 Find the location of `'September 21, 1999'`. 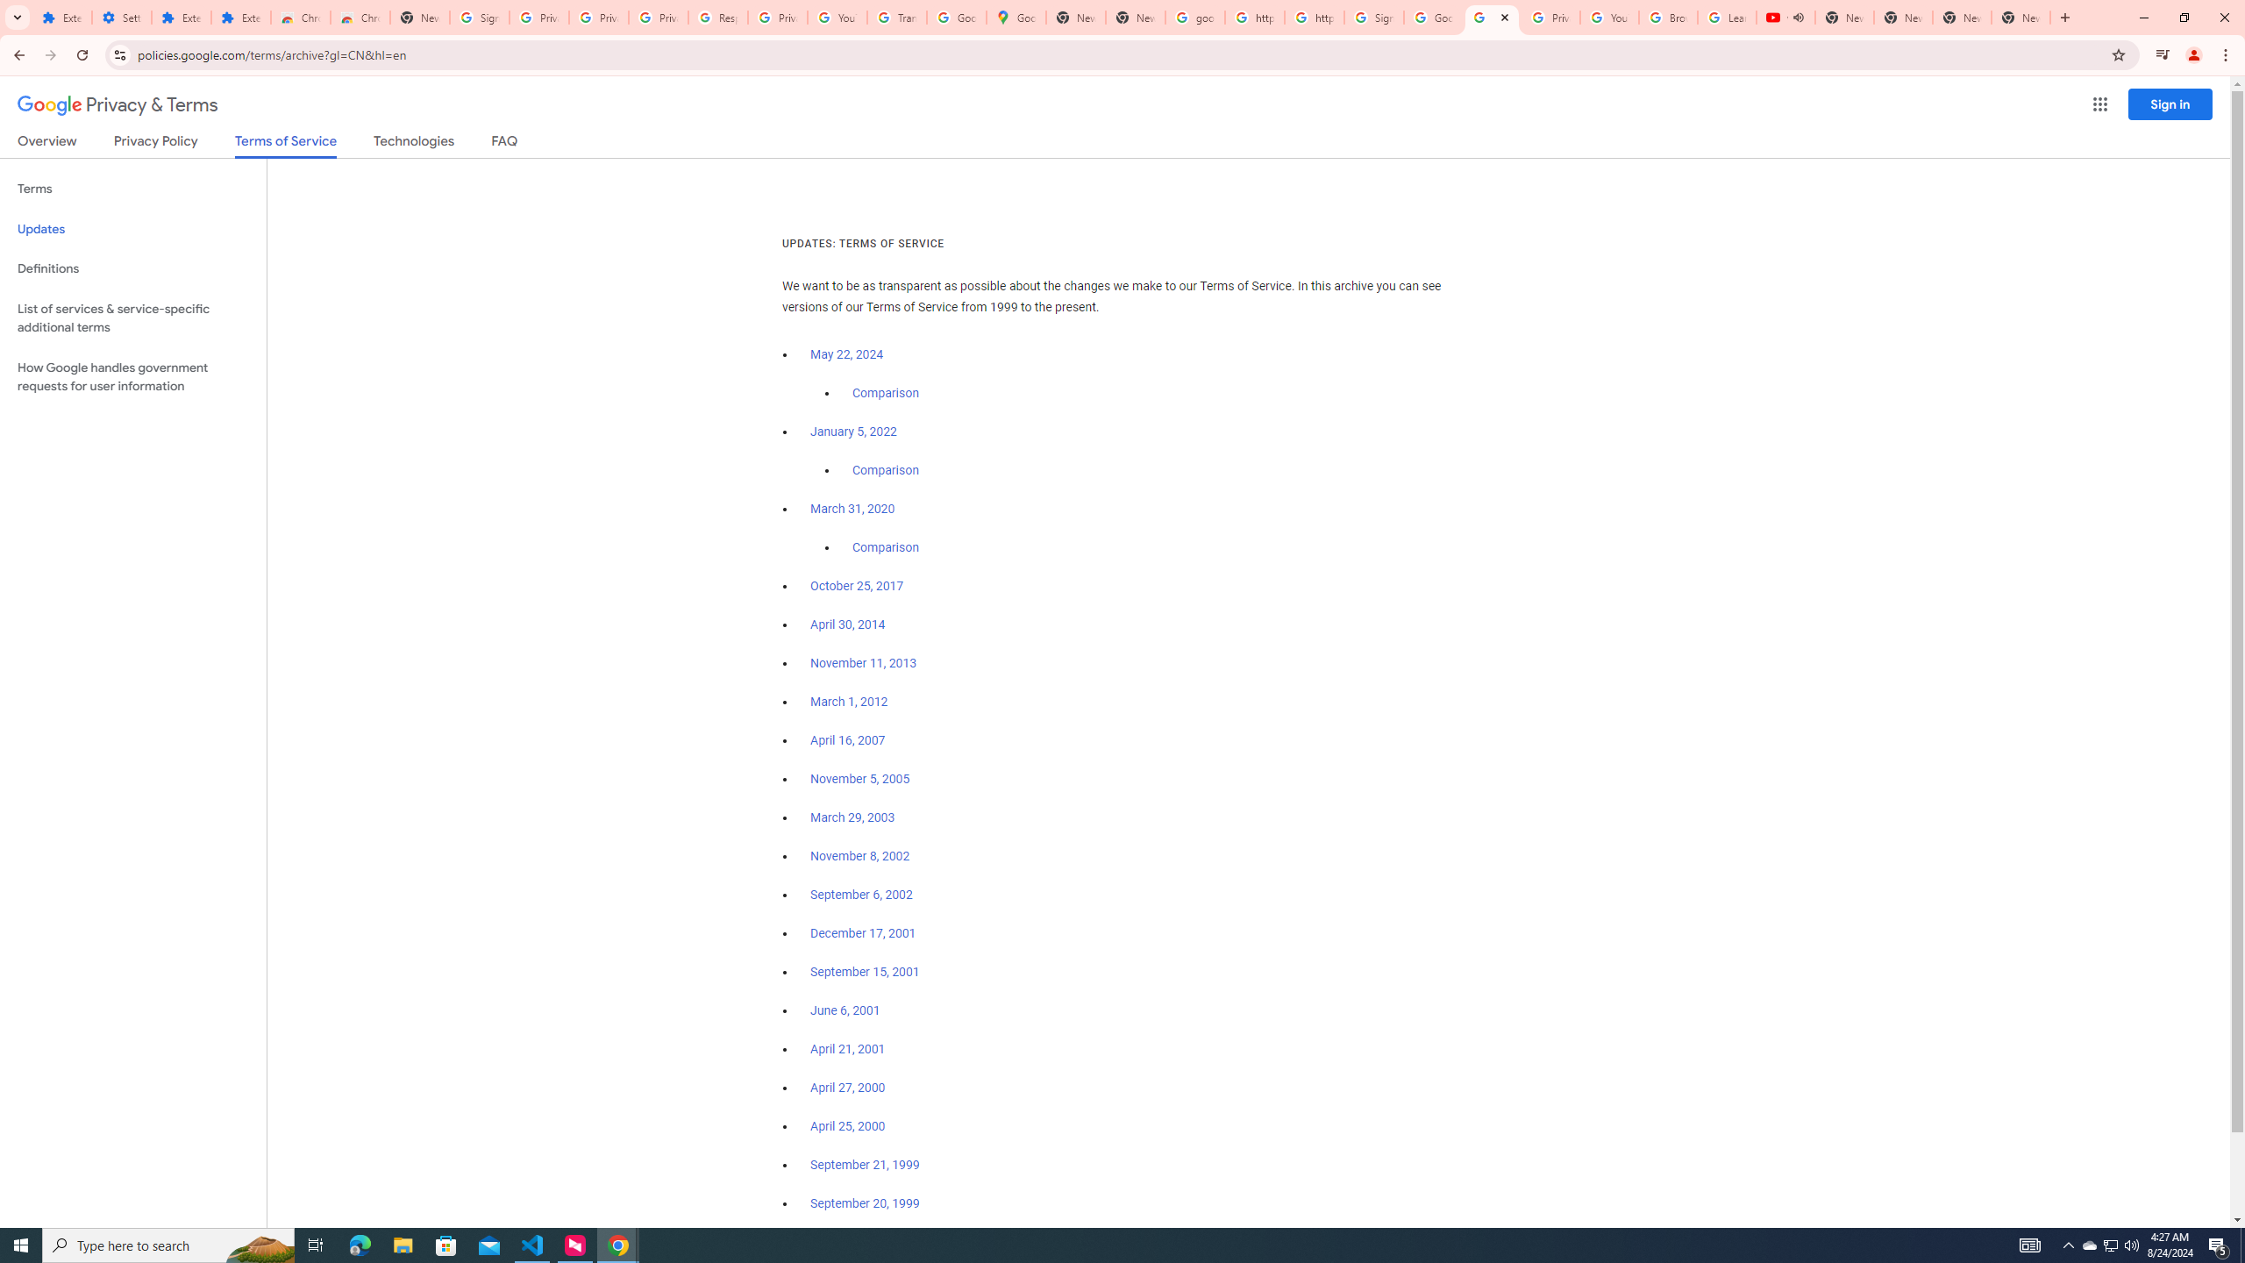

'September 21, 1999' is located at coordinates (865, 1163).